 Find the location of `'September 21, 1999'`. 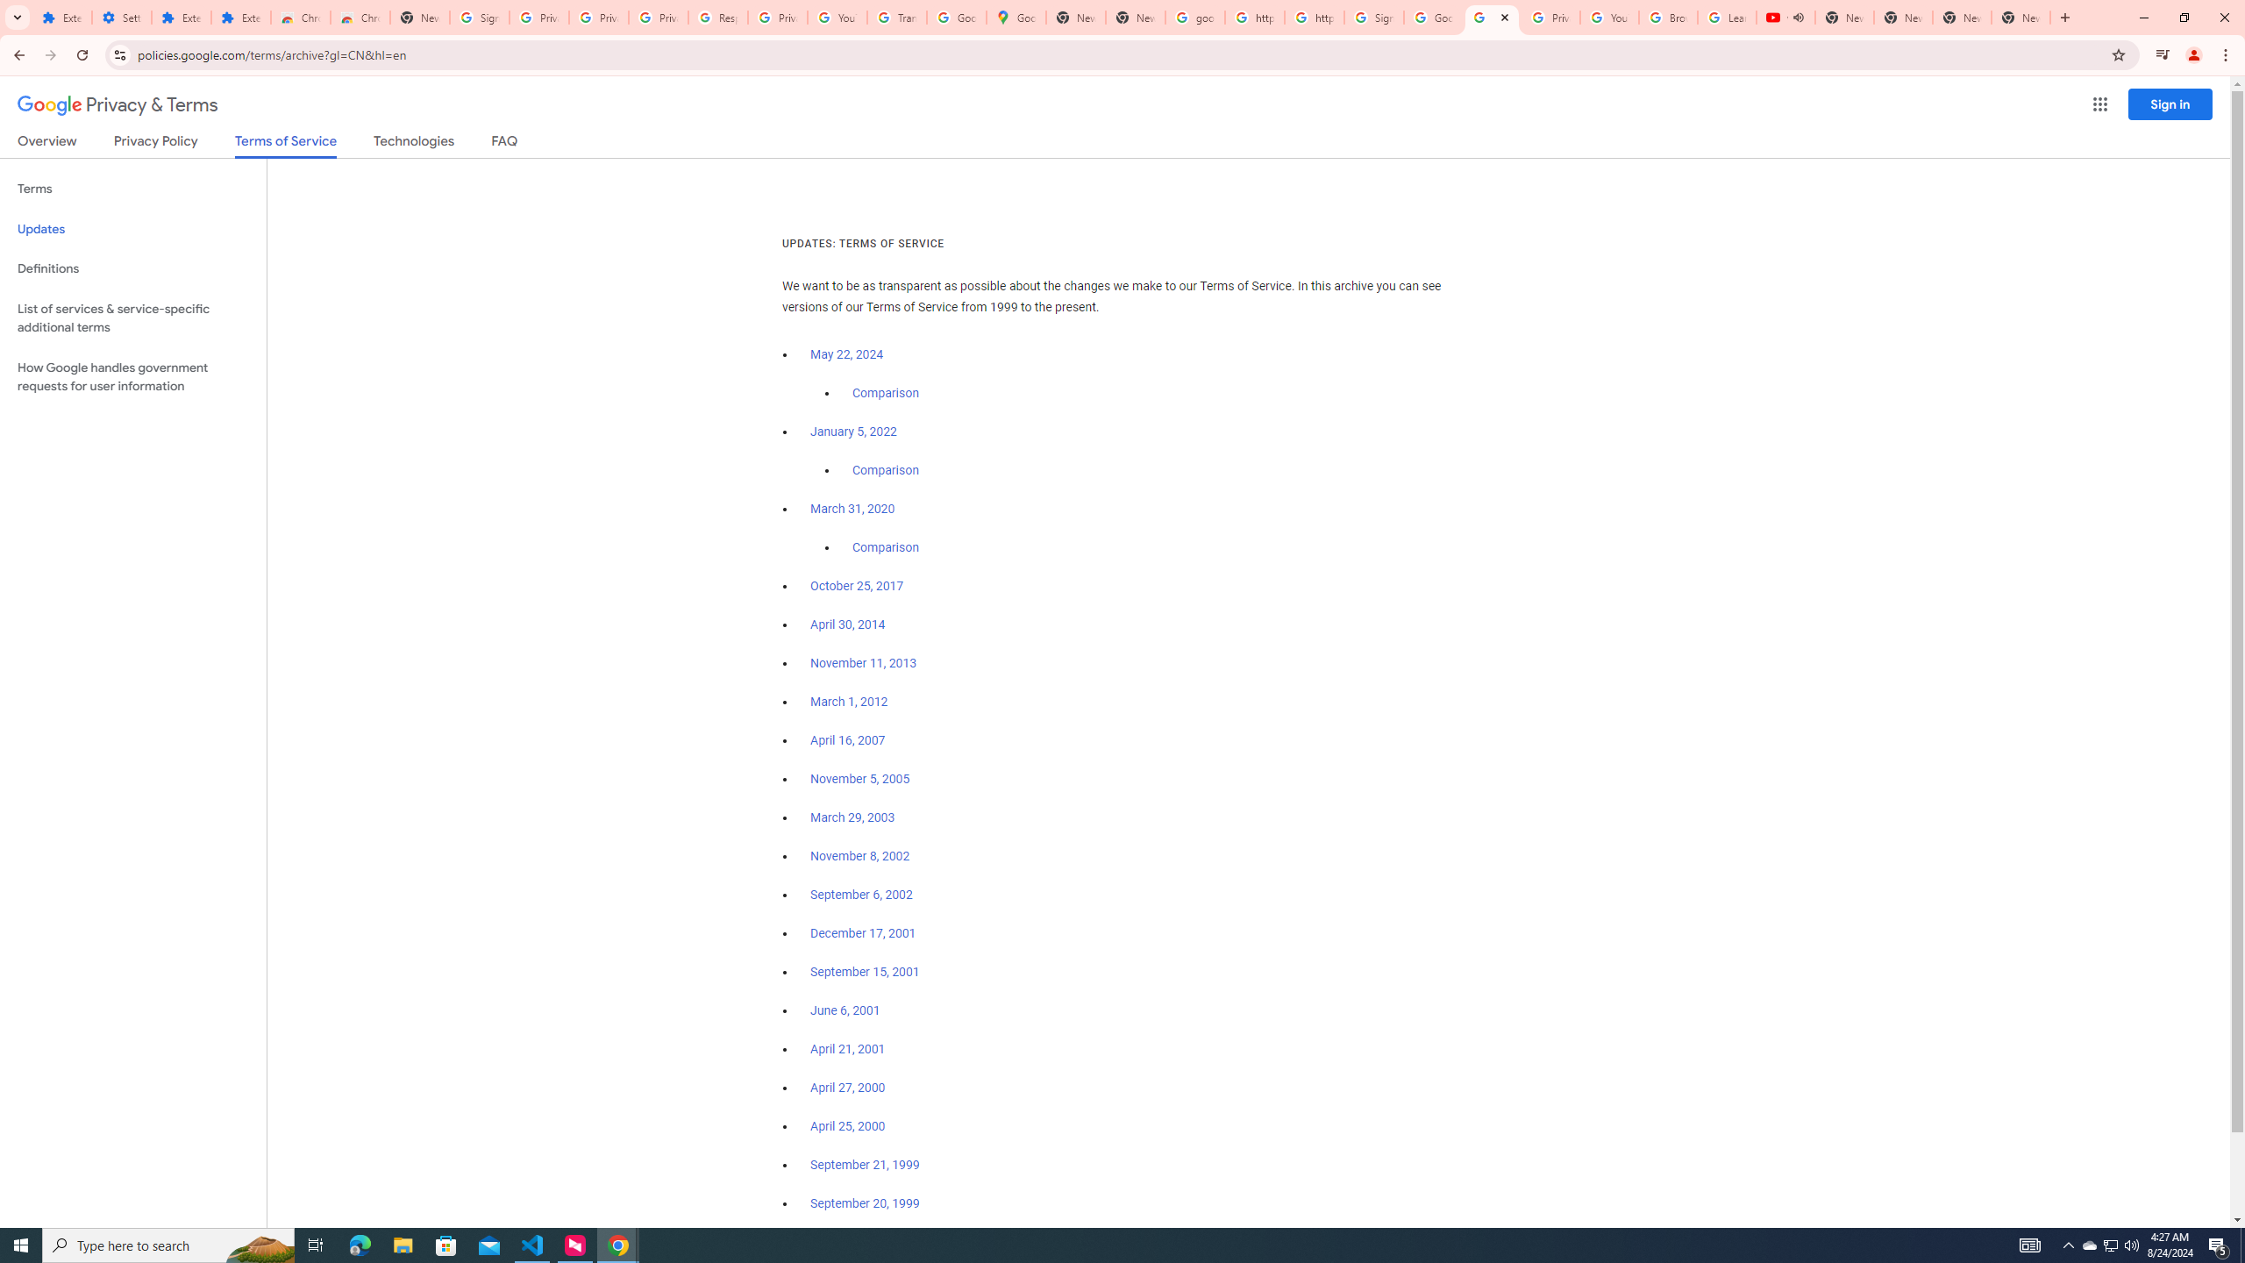

'September 21, 1999' is located at coordinates (865, 1163).